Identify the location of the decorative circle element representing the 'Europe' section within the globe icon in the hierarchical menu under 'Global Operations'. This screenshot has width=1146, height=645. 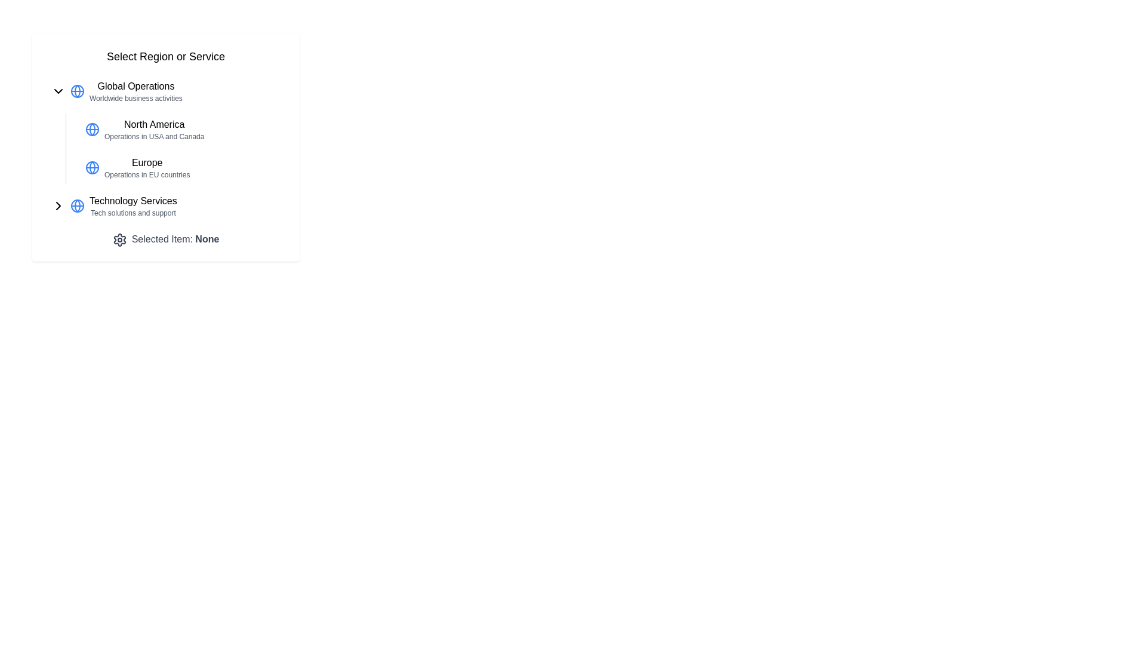
(91, 168).